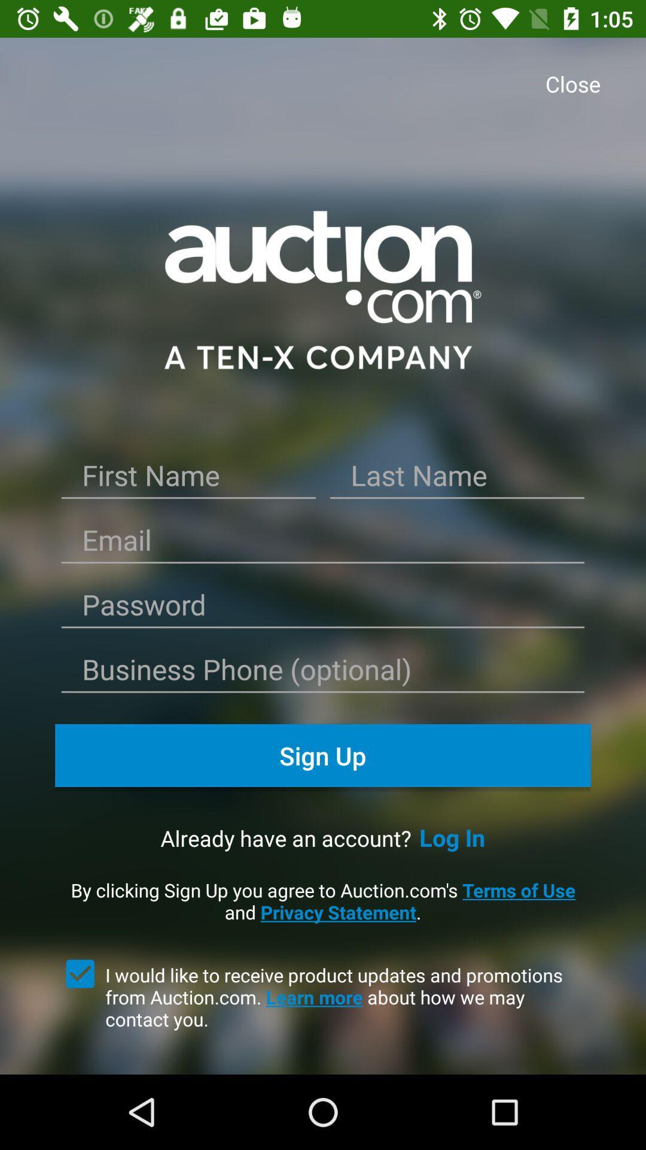  Describe the element at coordinates (80, 974) in the screenshot. I see `receive emails` at that location.